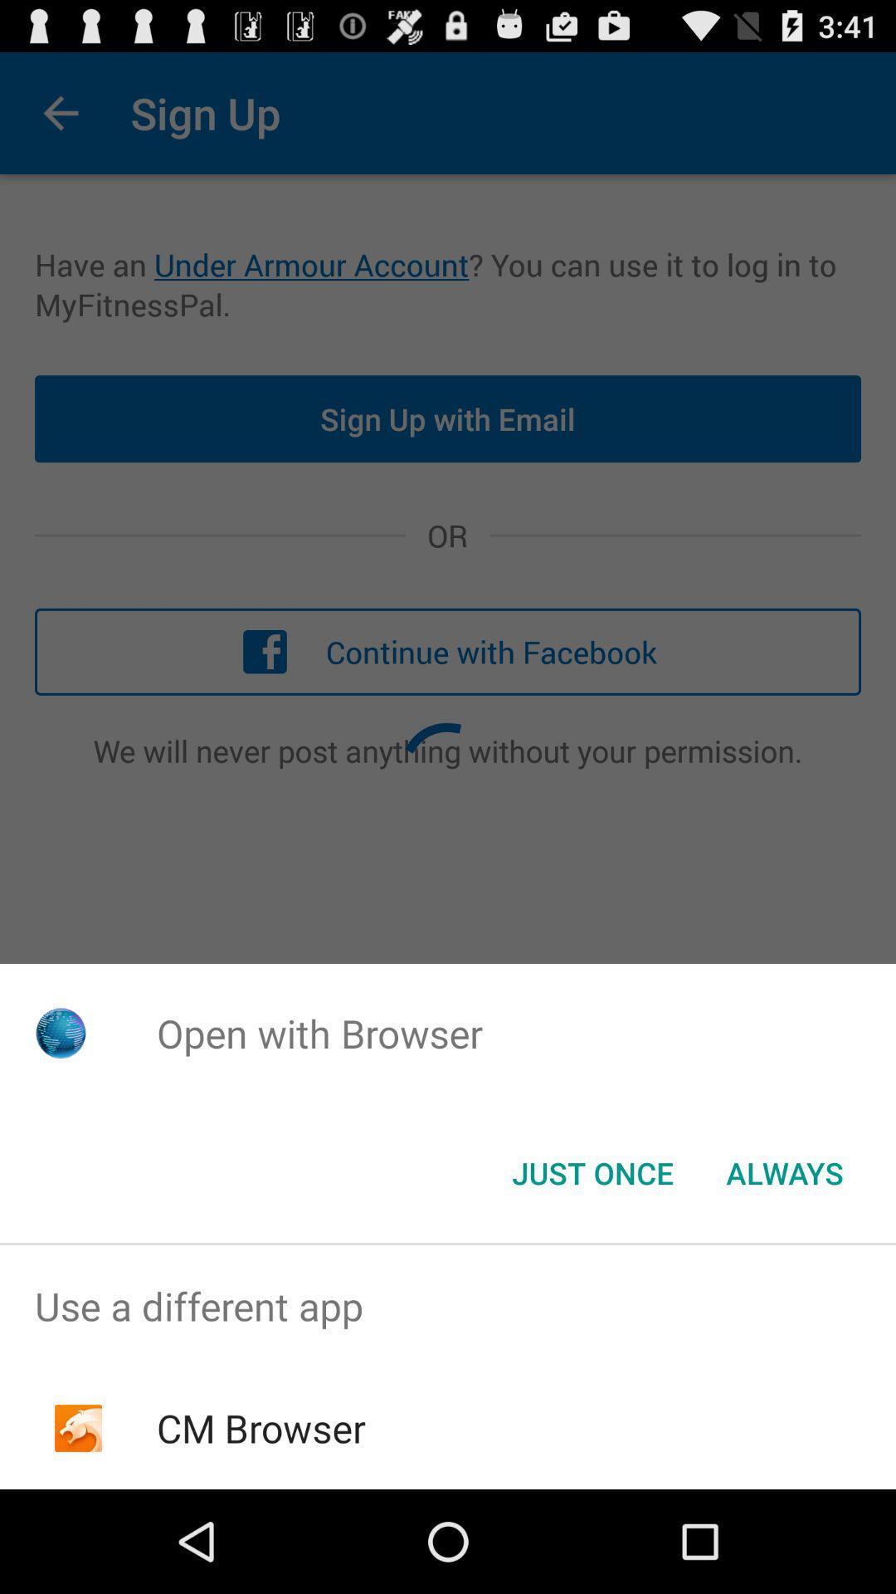 This screenshot has width=896, height=1594. I want to click on item at the bottom right corner, so click(784, 1171).